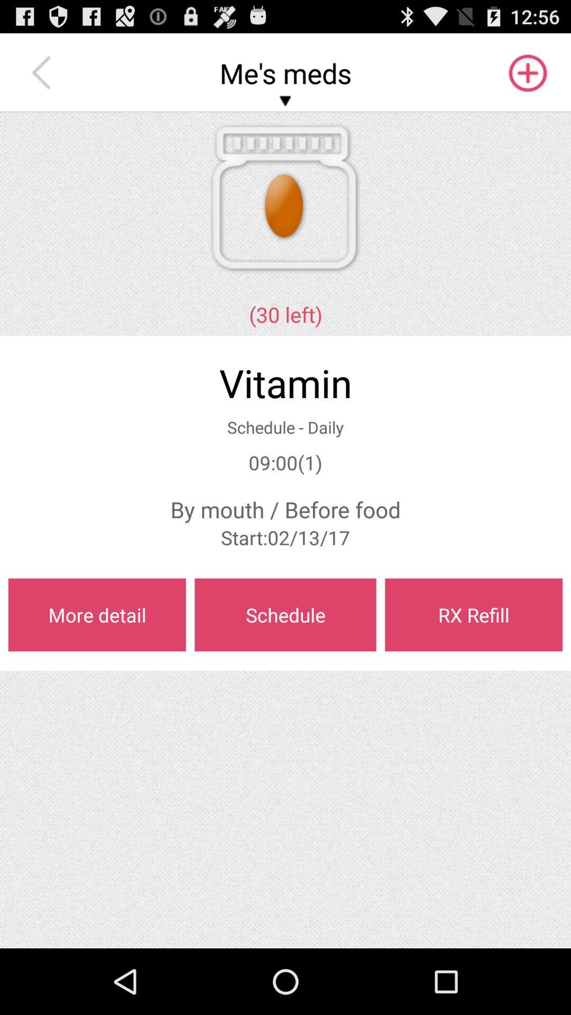 The width and height of the screenshot is (571, 1015). I want to click on the more detail on the left, so click(97, 615).